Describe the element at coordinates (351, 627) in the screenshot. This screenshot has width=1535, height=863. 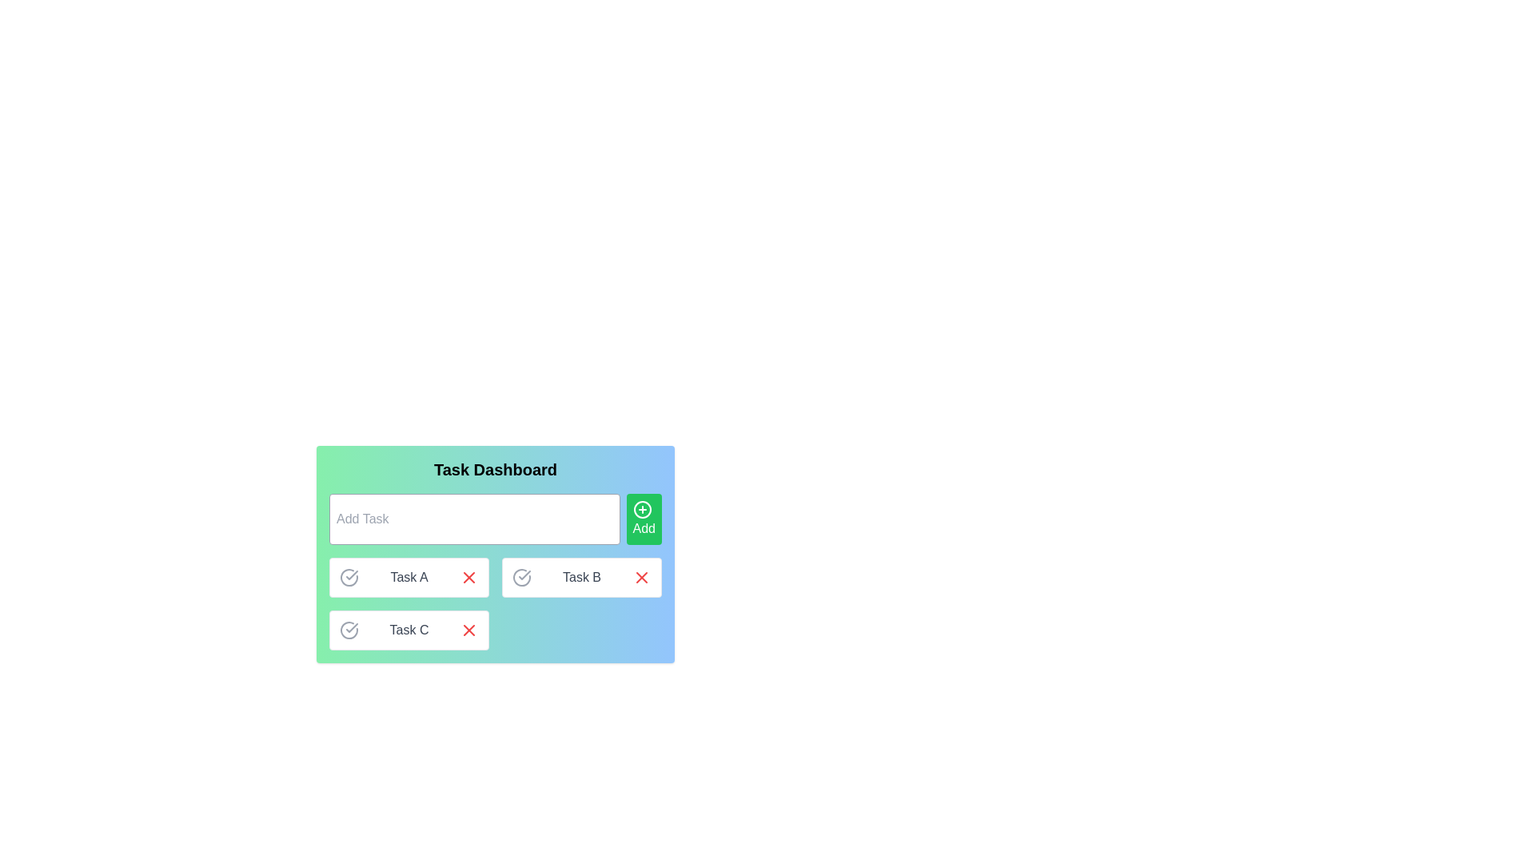
I see `the button-like interactive element styled as an icon to mark the associated task 'Task C' as completed` at that location.